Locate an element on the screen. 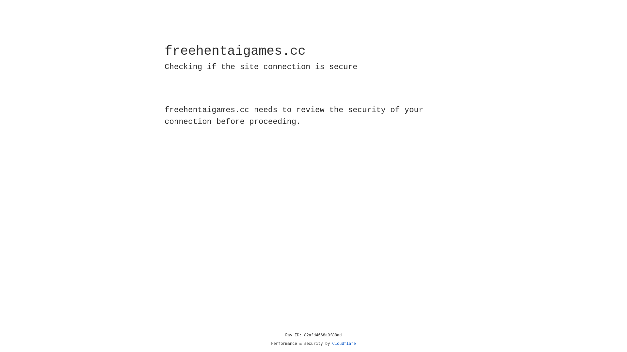 The height and width of the screenshot is (352, 627). 'Cloudflare' is located at coordinates (332, 344).